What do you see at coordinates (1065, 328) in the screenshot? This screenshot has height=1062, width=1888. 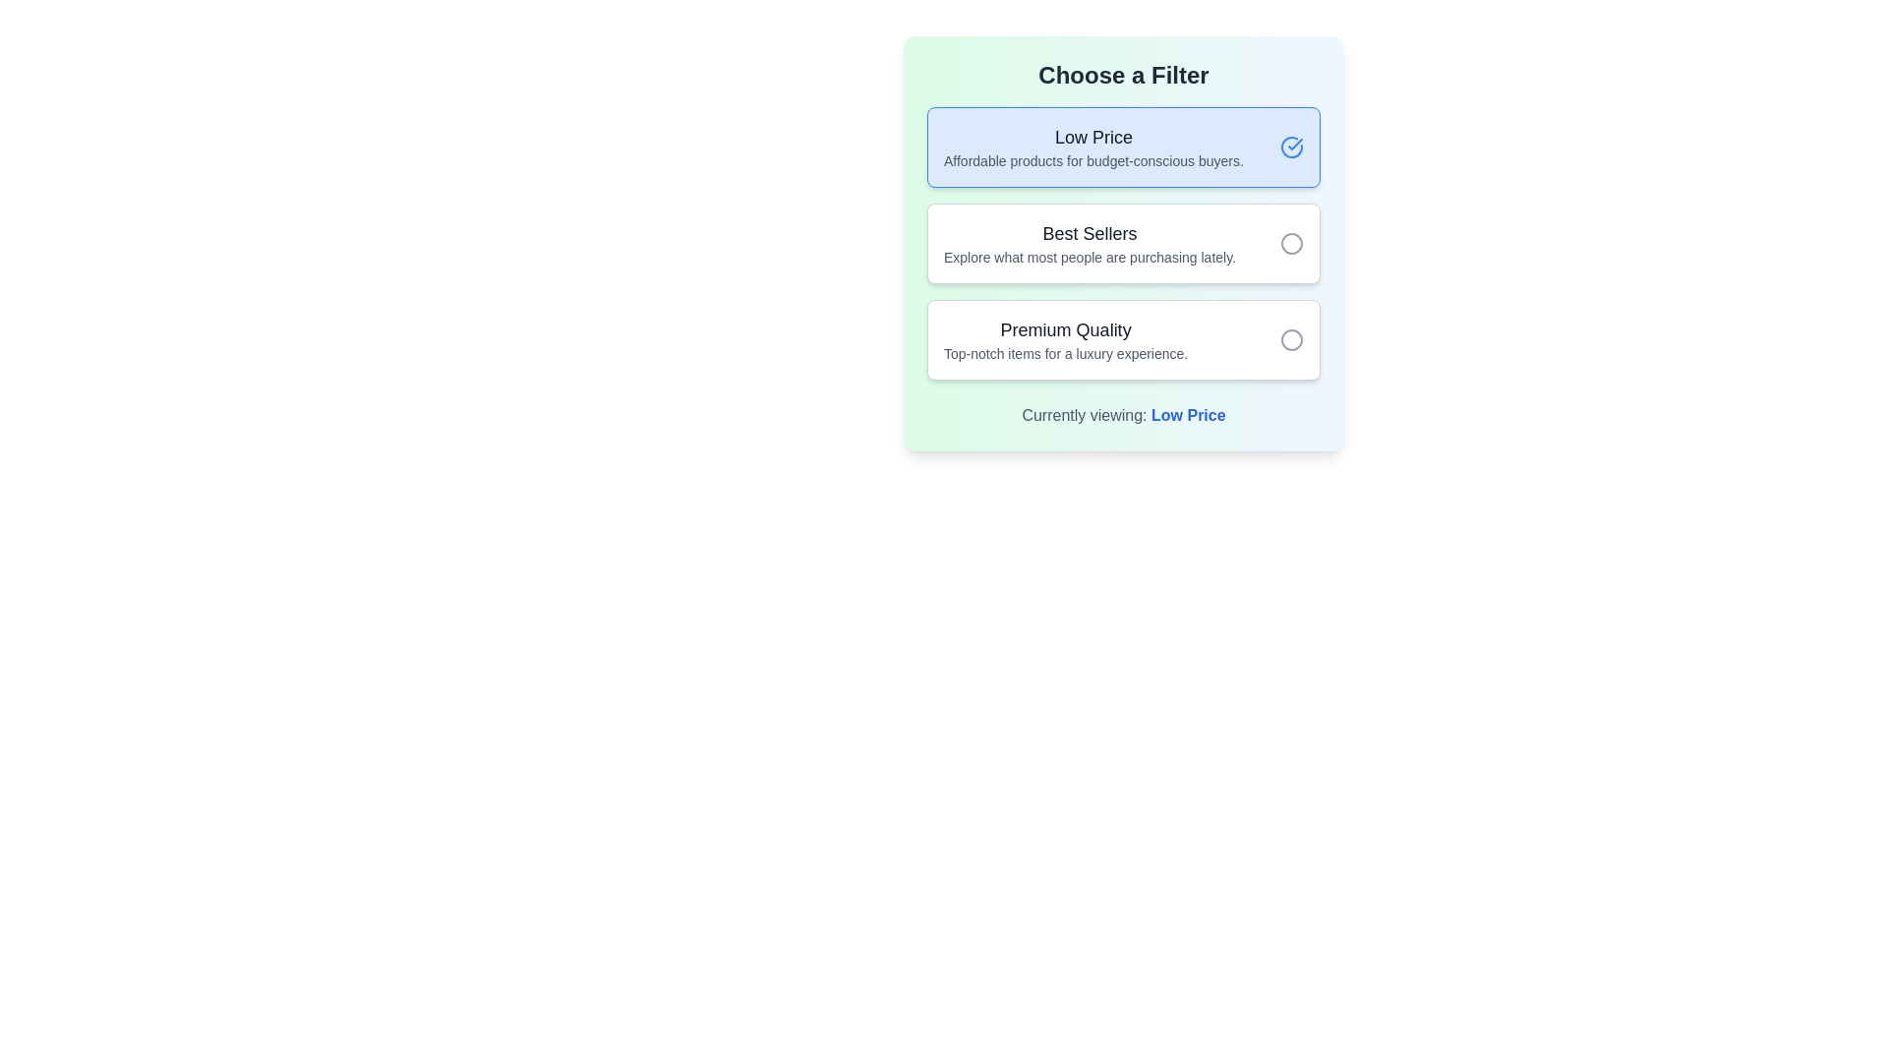 I see `the static text element titled 'Premium Quality', which is the third filter option in the list of filters, positioned below 'Best Sellers'` at bounding box center [1065, 328].